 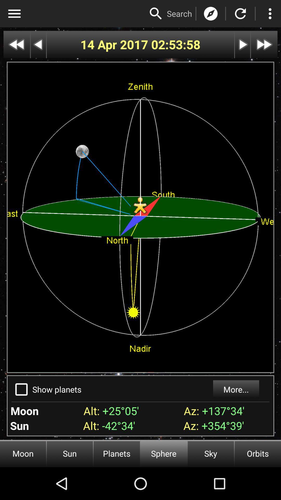 I want to click on next date selection, so click(x=242, y=45).